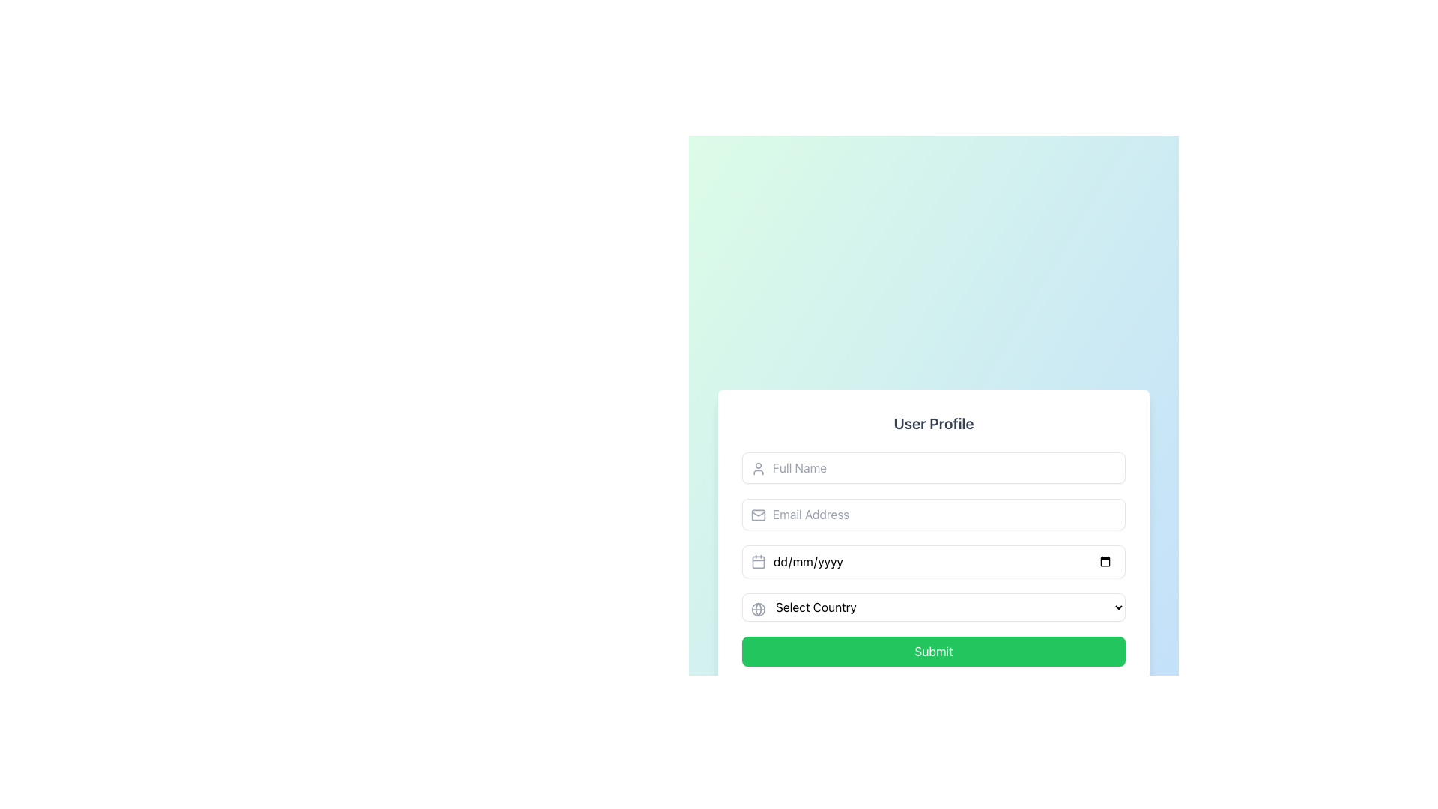  What do you see at coordinates (758, 561) in the screenshot?
I see `the date input icon located to the left of the 'birth date' input field in the 'User Profile' section, which indicates the expected input of a date value and may open a date picker` at bounding box center [758, 561].